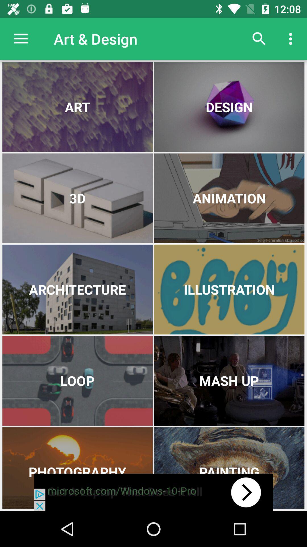 The width and height of the screenshot is (307, 547). Describe the element at coordinates (77, 107) in the screenshot. I see `the first image which is below the menu icon` at that location.